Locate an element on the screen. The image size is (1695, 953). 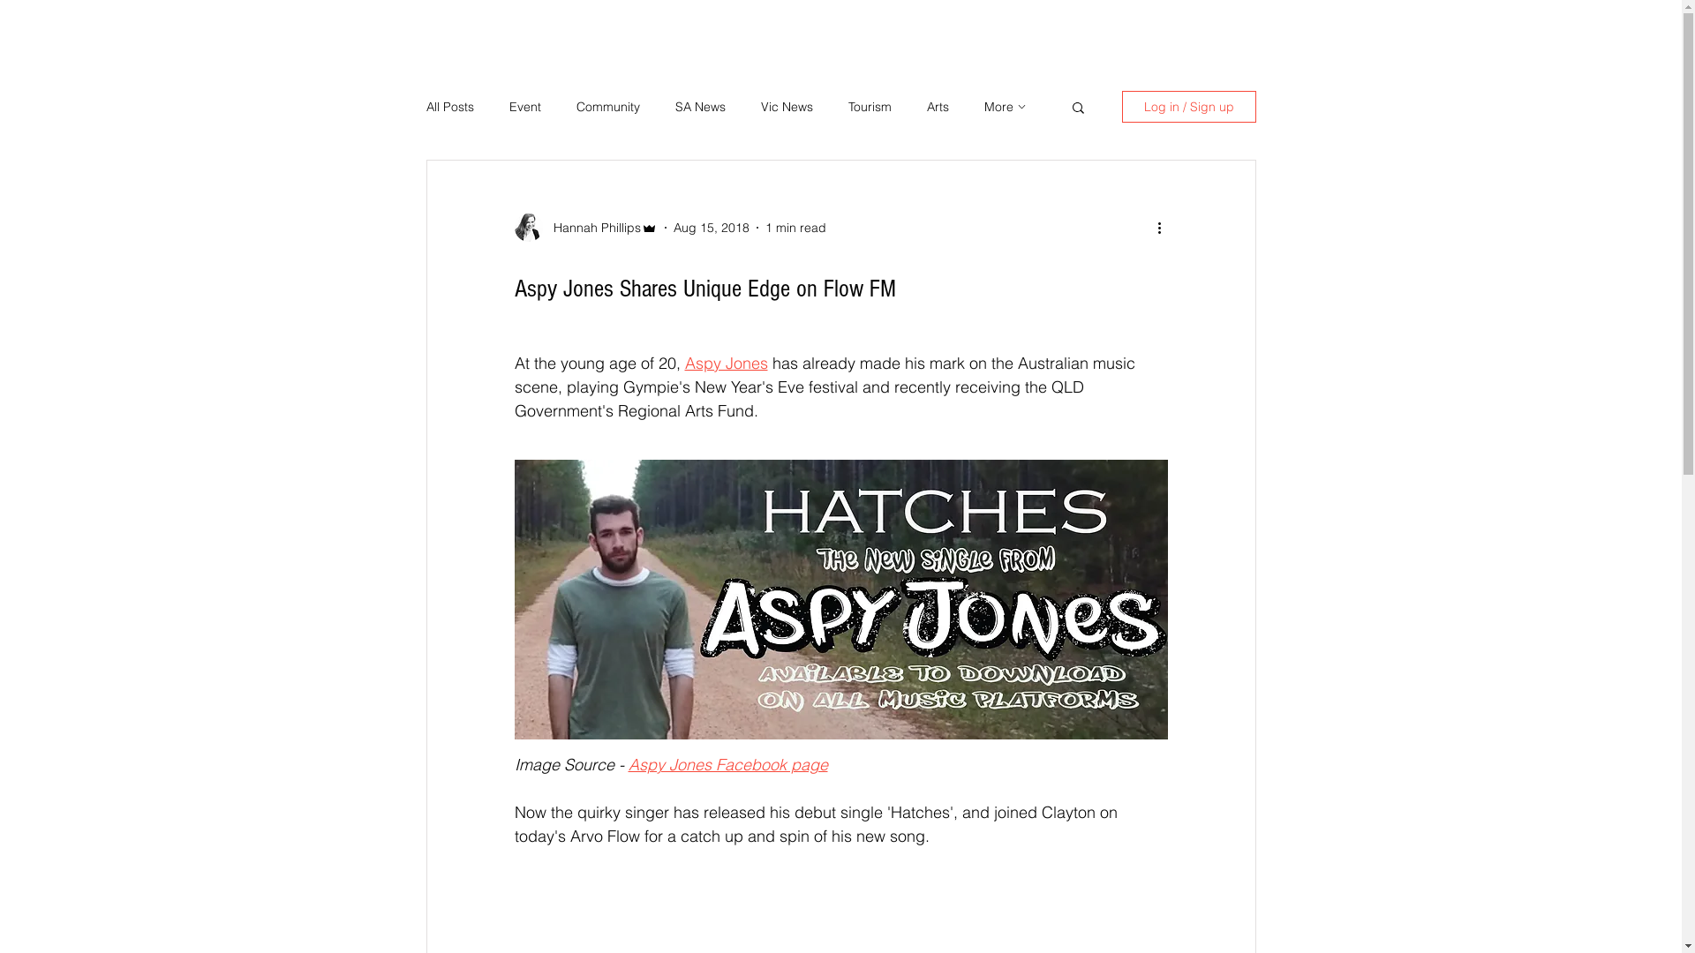
'All Posts' is located at coordinates (448, 106).